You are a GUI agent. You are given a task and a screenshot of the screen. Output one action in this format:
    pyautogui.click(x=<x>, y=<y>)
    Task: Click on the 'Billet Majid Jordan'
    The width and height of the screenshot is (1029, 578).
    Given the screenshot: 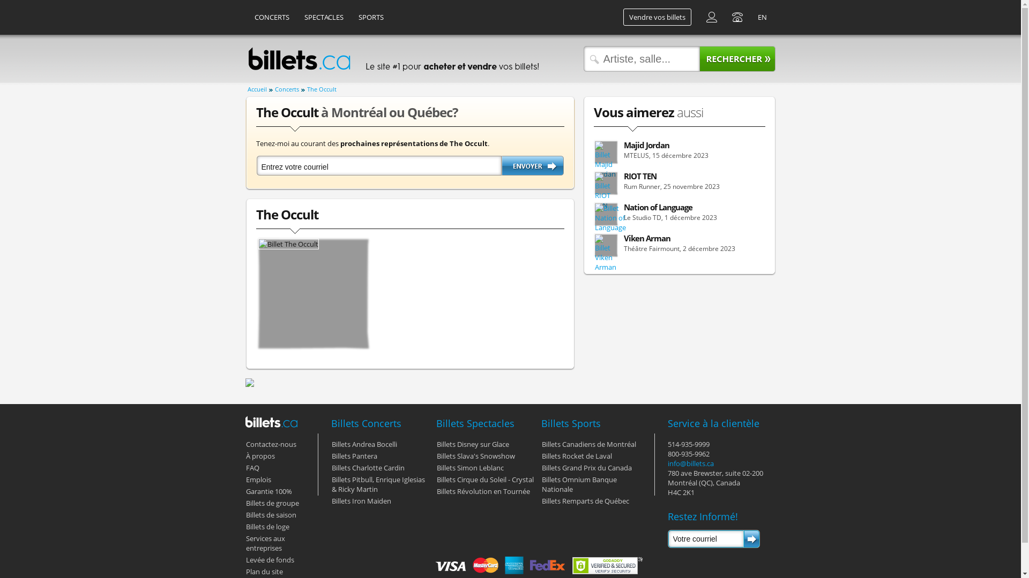 What is the action you would take?
    pyautogui.click(x=606, y=160)
    